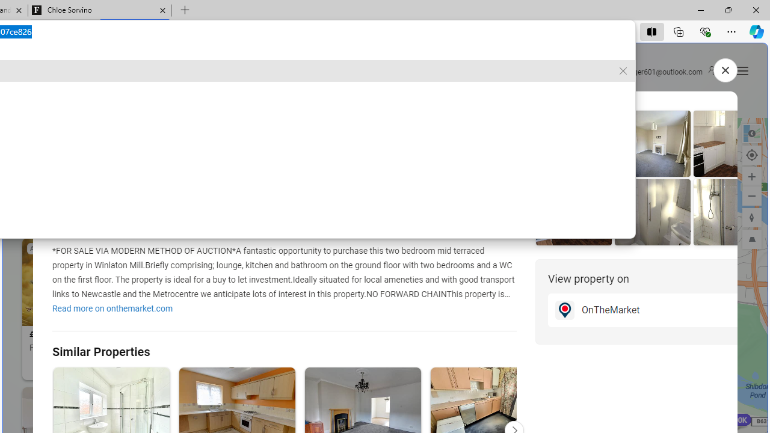 This screenshot has width=770, height=433. I want to click on 'Remove suggestion', so click(623, 71).